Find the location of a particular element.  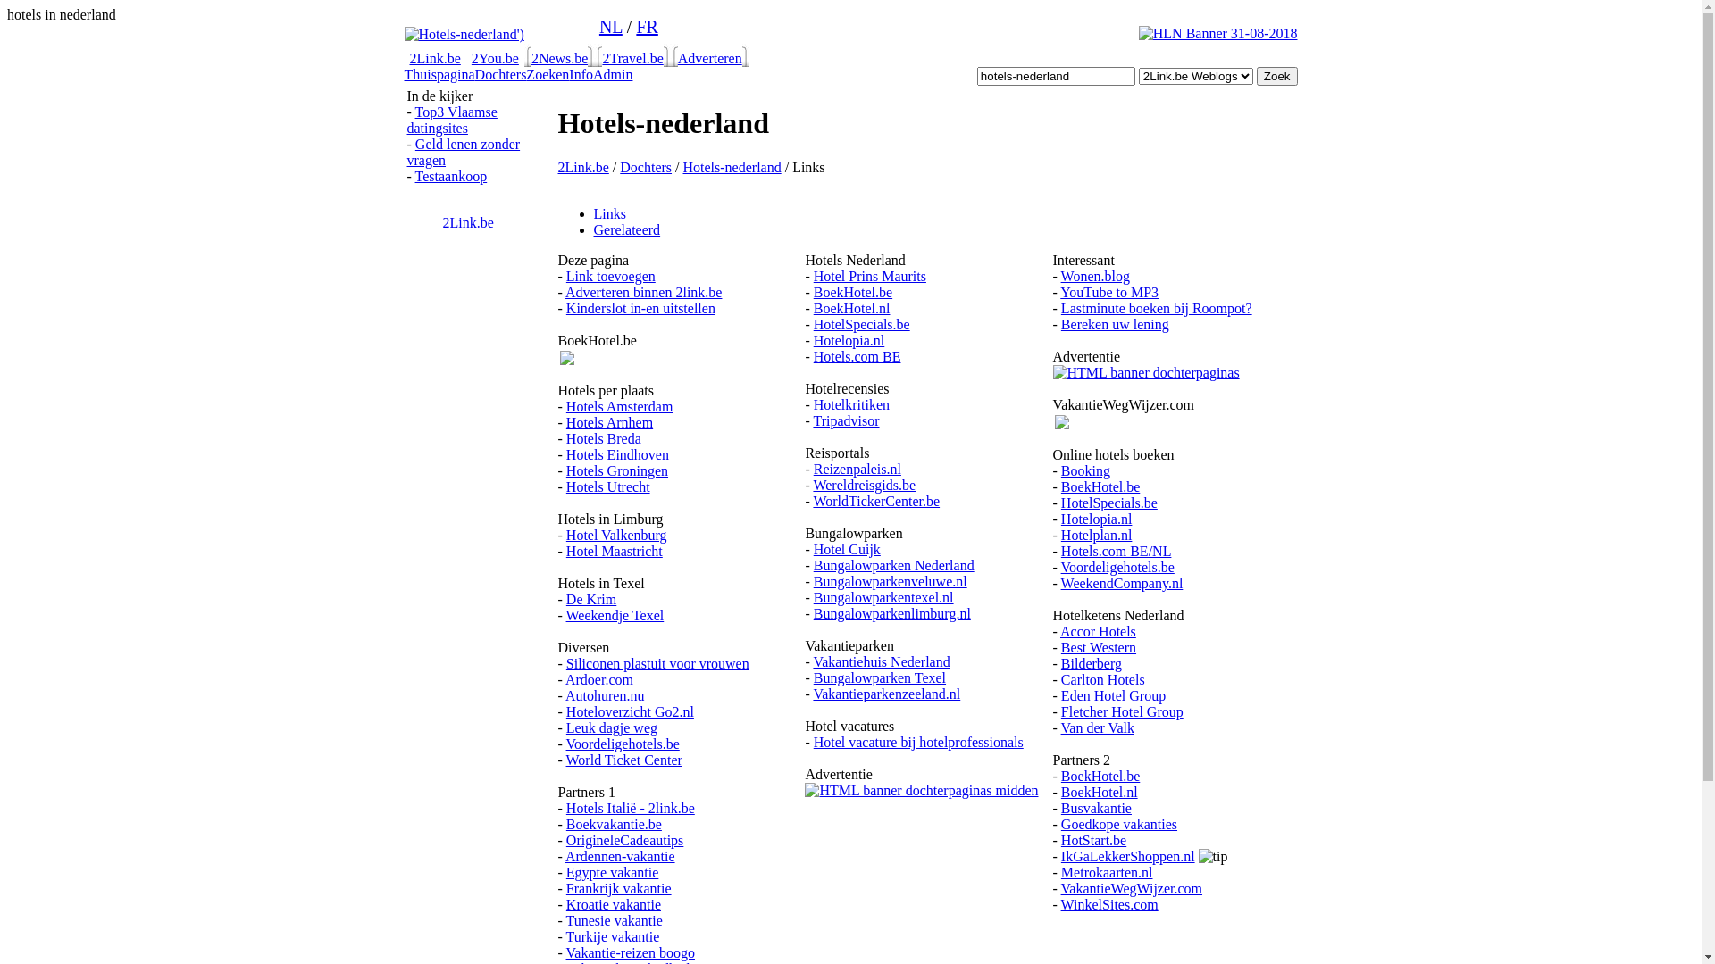

'Siliconen plastuit voor vrouwen' is located at coordinates (565, 663).